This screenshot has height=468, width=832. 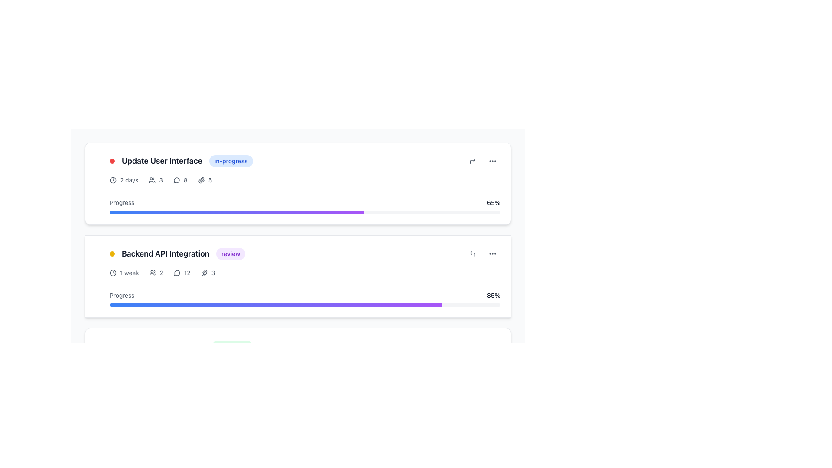 What do you see at coordinates (112, 366) in the screenshot?
I see `the circular vector graphic element that resembles a clock, located in the bottom-left section of the interface` at bounding box center [112, 366].